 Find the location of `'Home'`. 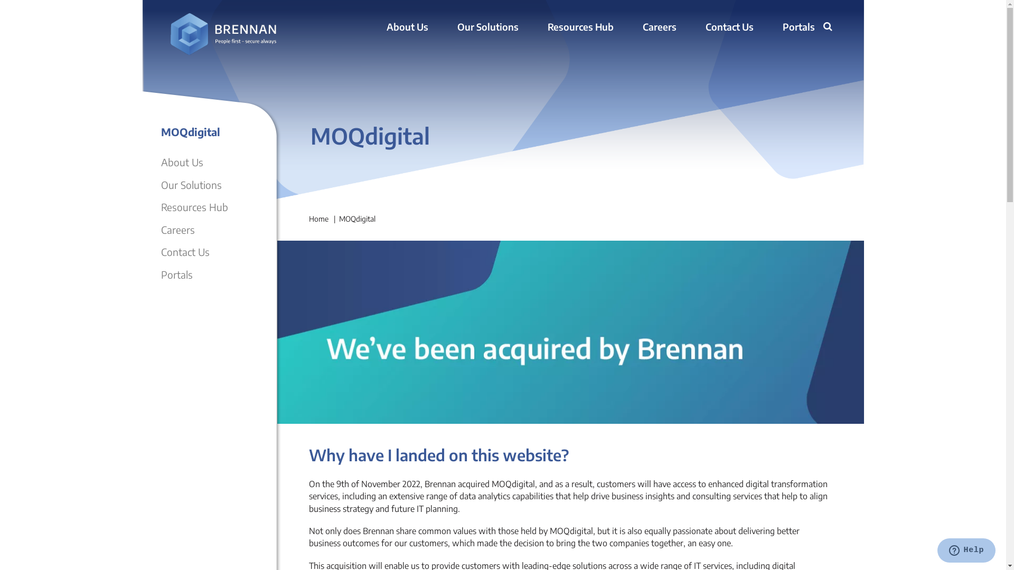

'Home' is located at coordinates (317, 218).